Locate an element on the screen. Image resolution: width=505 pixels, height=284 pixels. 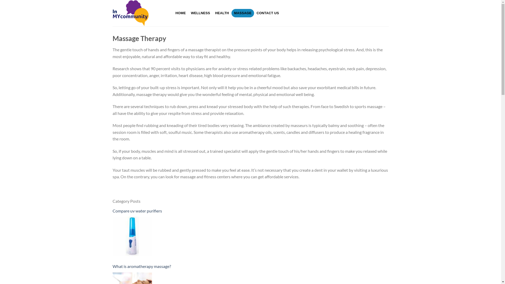
'HOME' is located at coordinates (181, 13).